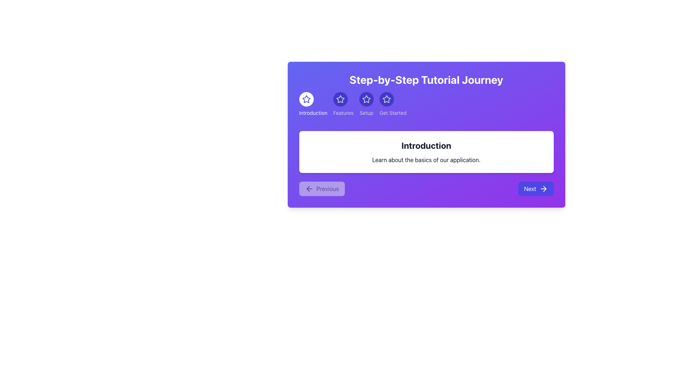 This screenshot has width=694, height=390. Describe the element at coordinates (545, 188) in the screenshot. I see `the Arrow Icon located at the far right side of the 'Next' button` at that location.